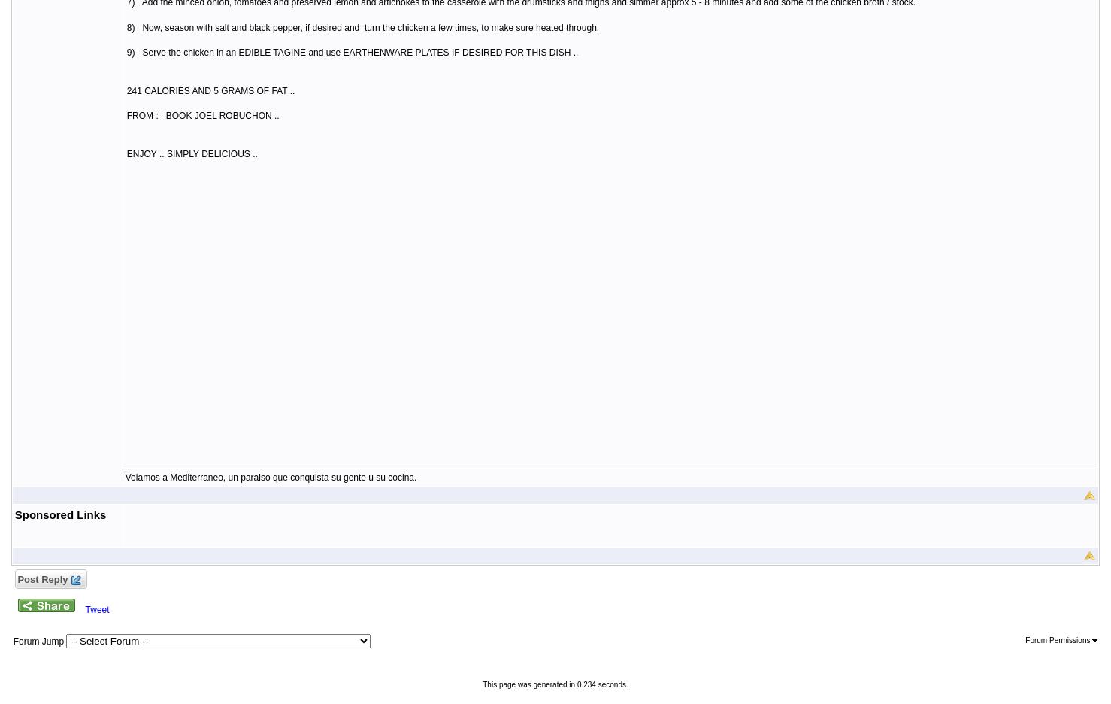 The width and height of the screenshot is (1111, 704). I want to click on 'FROM :   BOOK JOEL ROBUCHON ..', so click(202, 115).